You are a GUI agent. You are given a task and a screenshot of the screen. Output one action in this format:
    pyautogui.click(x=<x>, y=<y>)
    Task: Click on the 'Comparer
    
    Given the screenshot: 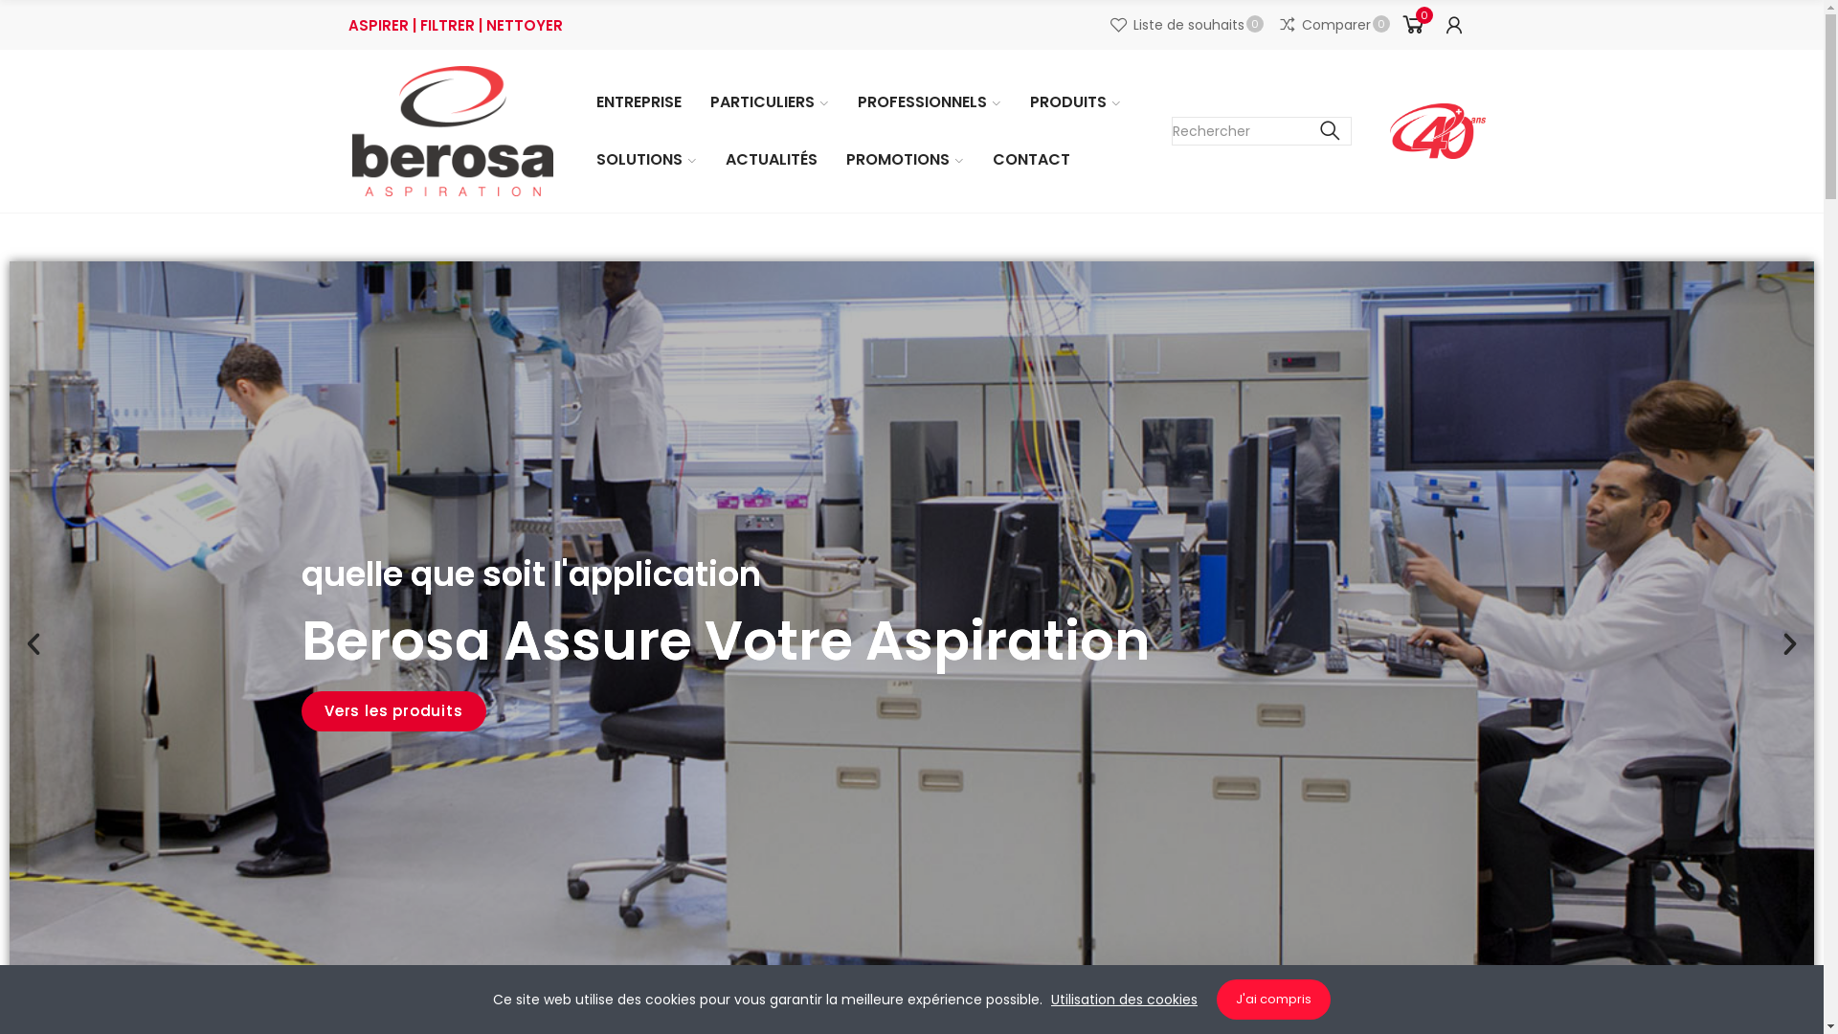 What is the action you would take?
    pyautogui.click(x=1333, y=25)
    